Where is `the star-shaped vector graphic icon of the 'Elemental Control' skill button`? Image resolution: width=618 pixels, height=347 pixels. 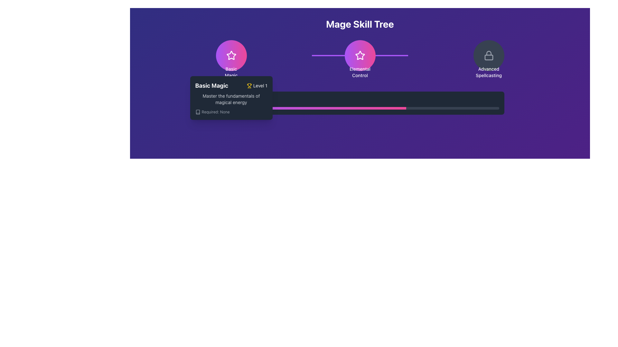 the star-shaped vector graphic icon of the 'Elemental Control' skill button is located at coordinates (360, 55).